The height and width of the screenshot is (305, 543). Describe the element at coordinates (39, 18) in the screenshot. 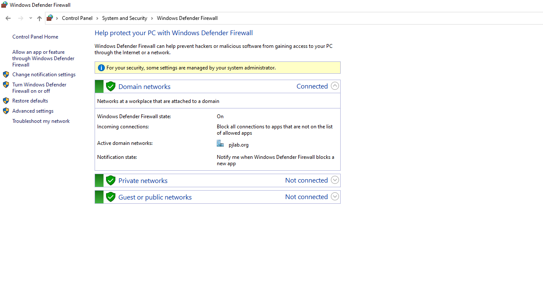

I see `'Up to "System and Security" (Alt + Up Arrow)'` at that location.